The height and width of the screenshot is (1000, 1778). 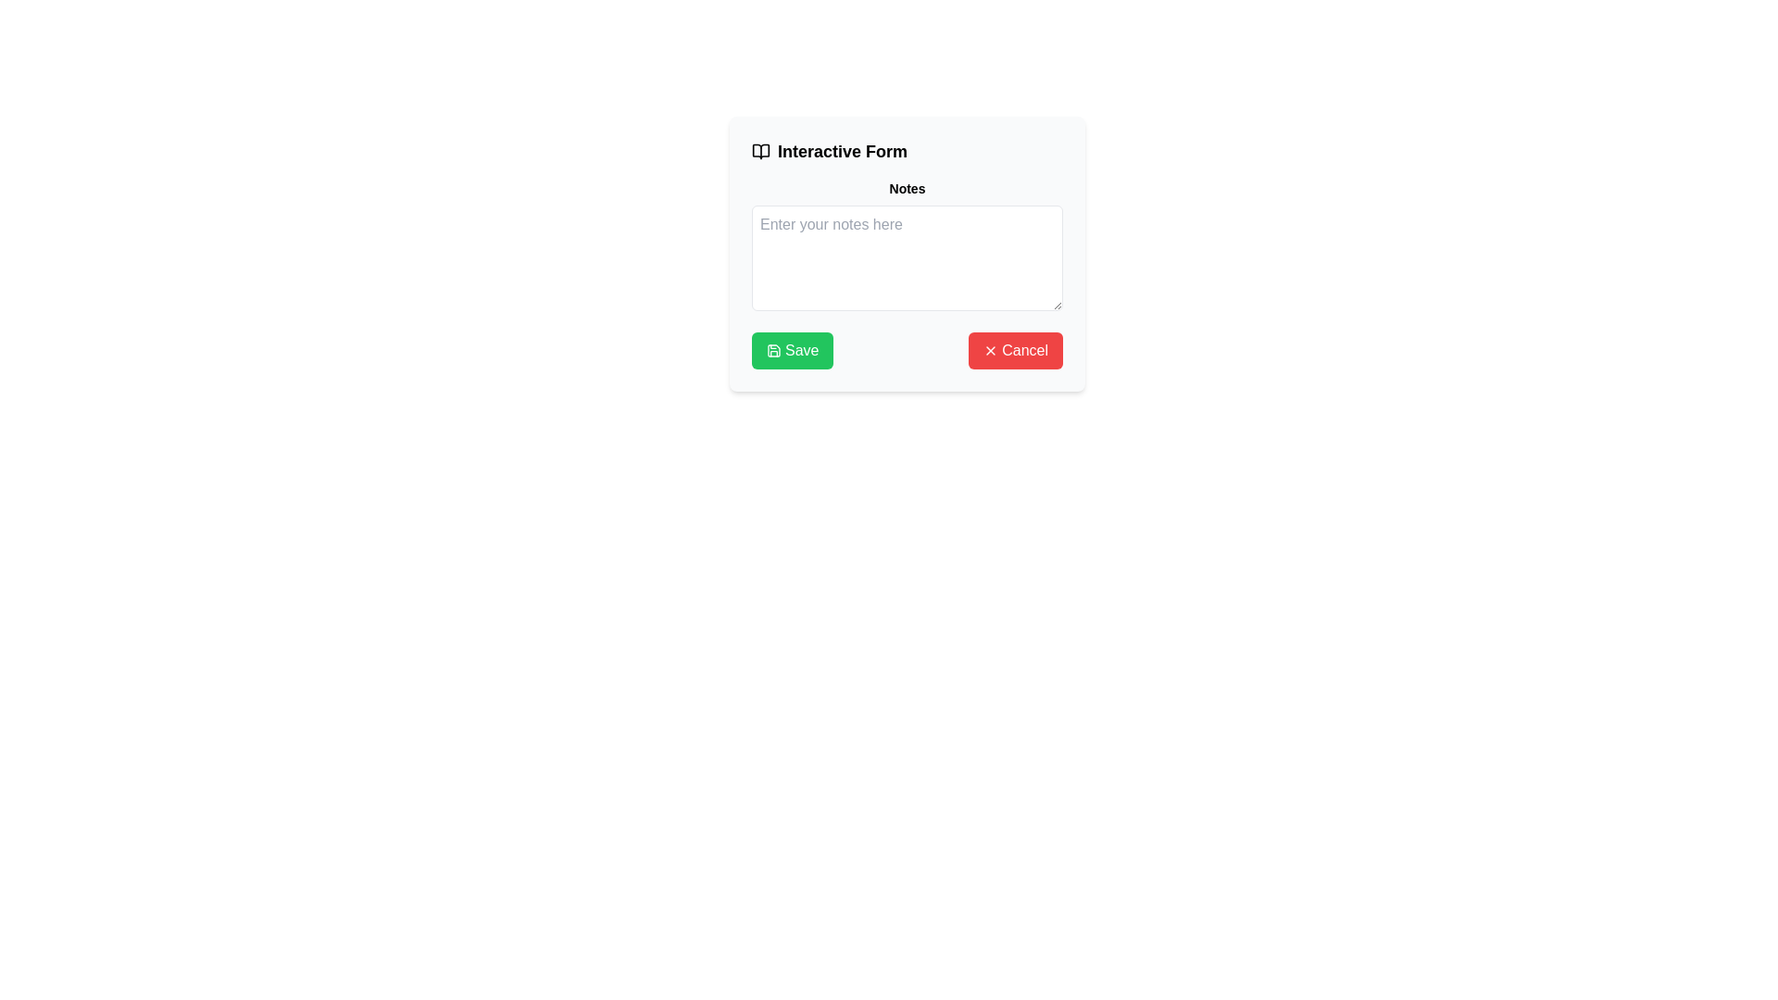 I want to click on the 'Notes' text label, which is a bold, slightly smaller font label located at the top of a white form panel, positioned directly above a multi-line text input field, so click(x=907, y=189).